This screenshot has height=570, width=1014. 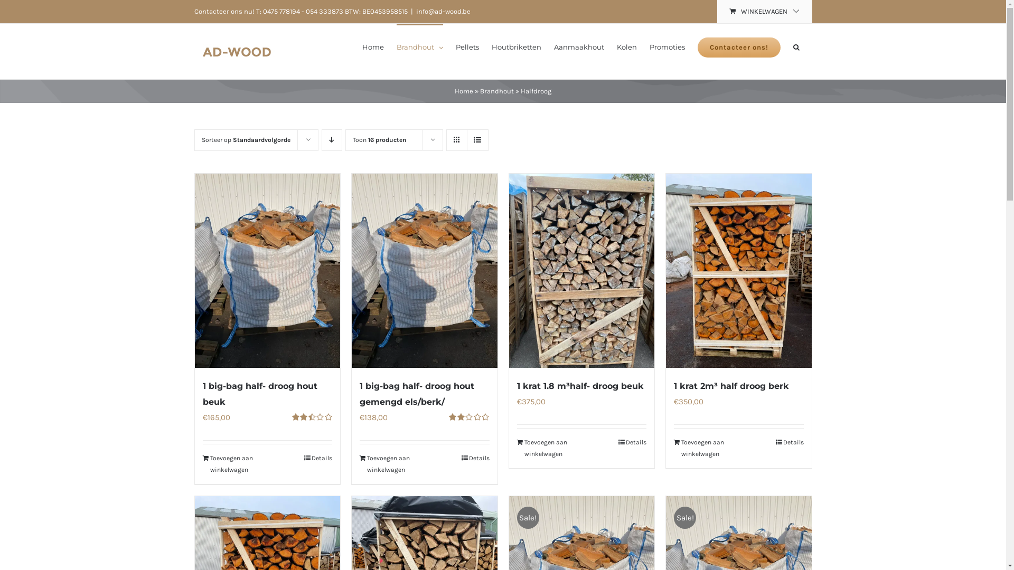 What do you see at coordinates (379, 139) in the screenshot?
I see `'Toon 16 producten'` at bounding box center [379, 139].